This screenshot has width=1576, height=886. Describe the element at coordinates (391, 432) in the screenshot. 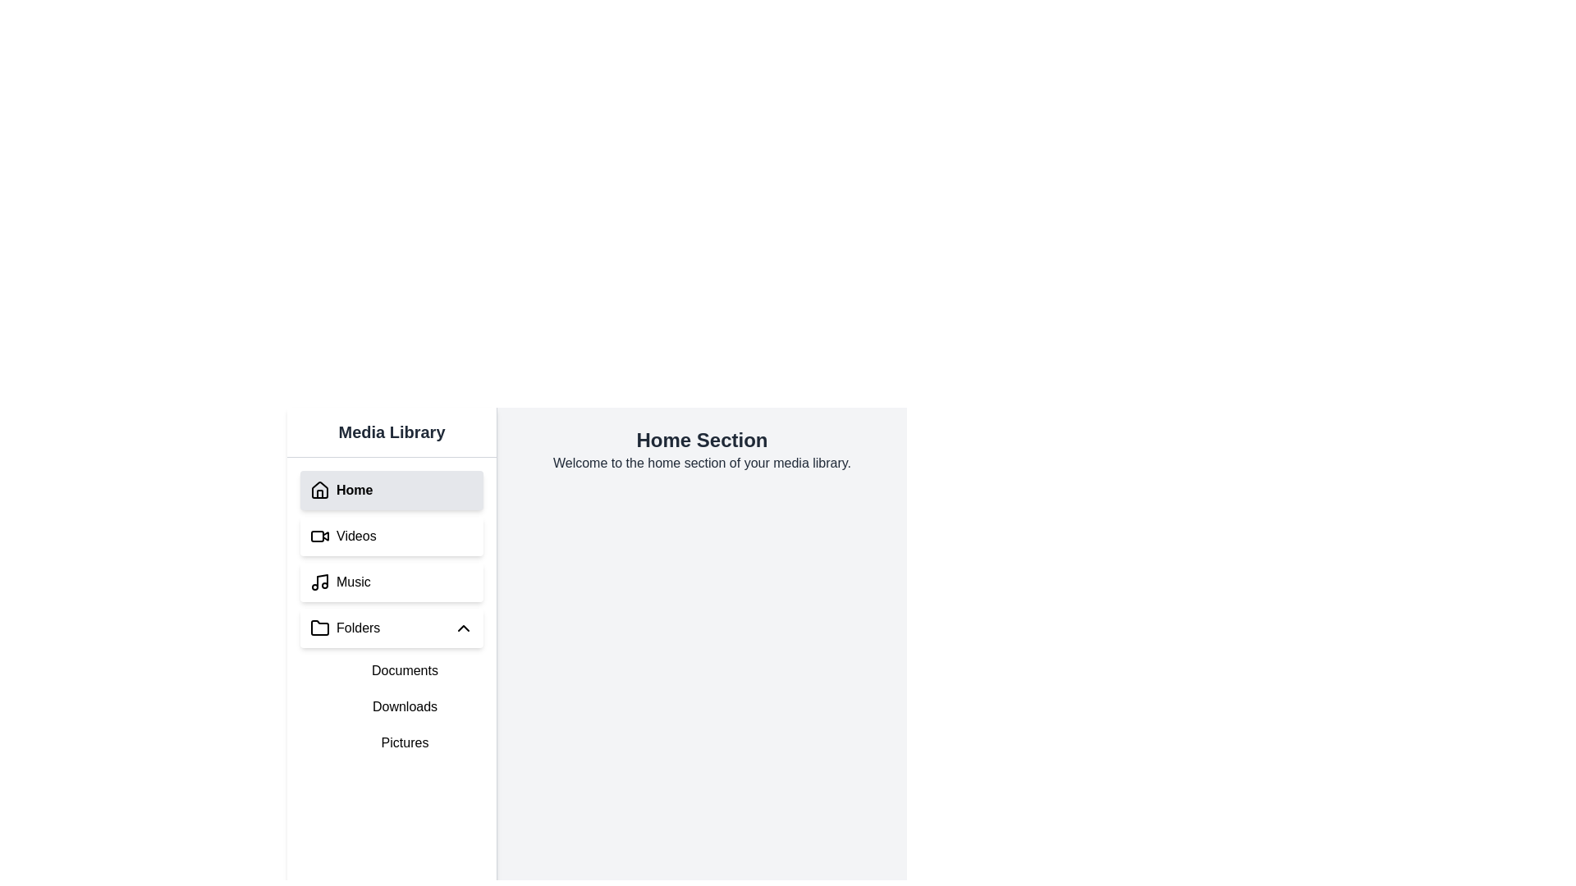

I see `the section title text element located at the top of the vertical navigation section on the left side of the UI` at that location.